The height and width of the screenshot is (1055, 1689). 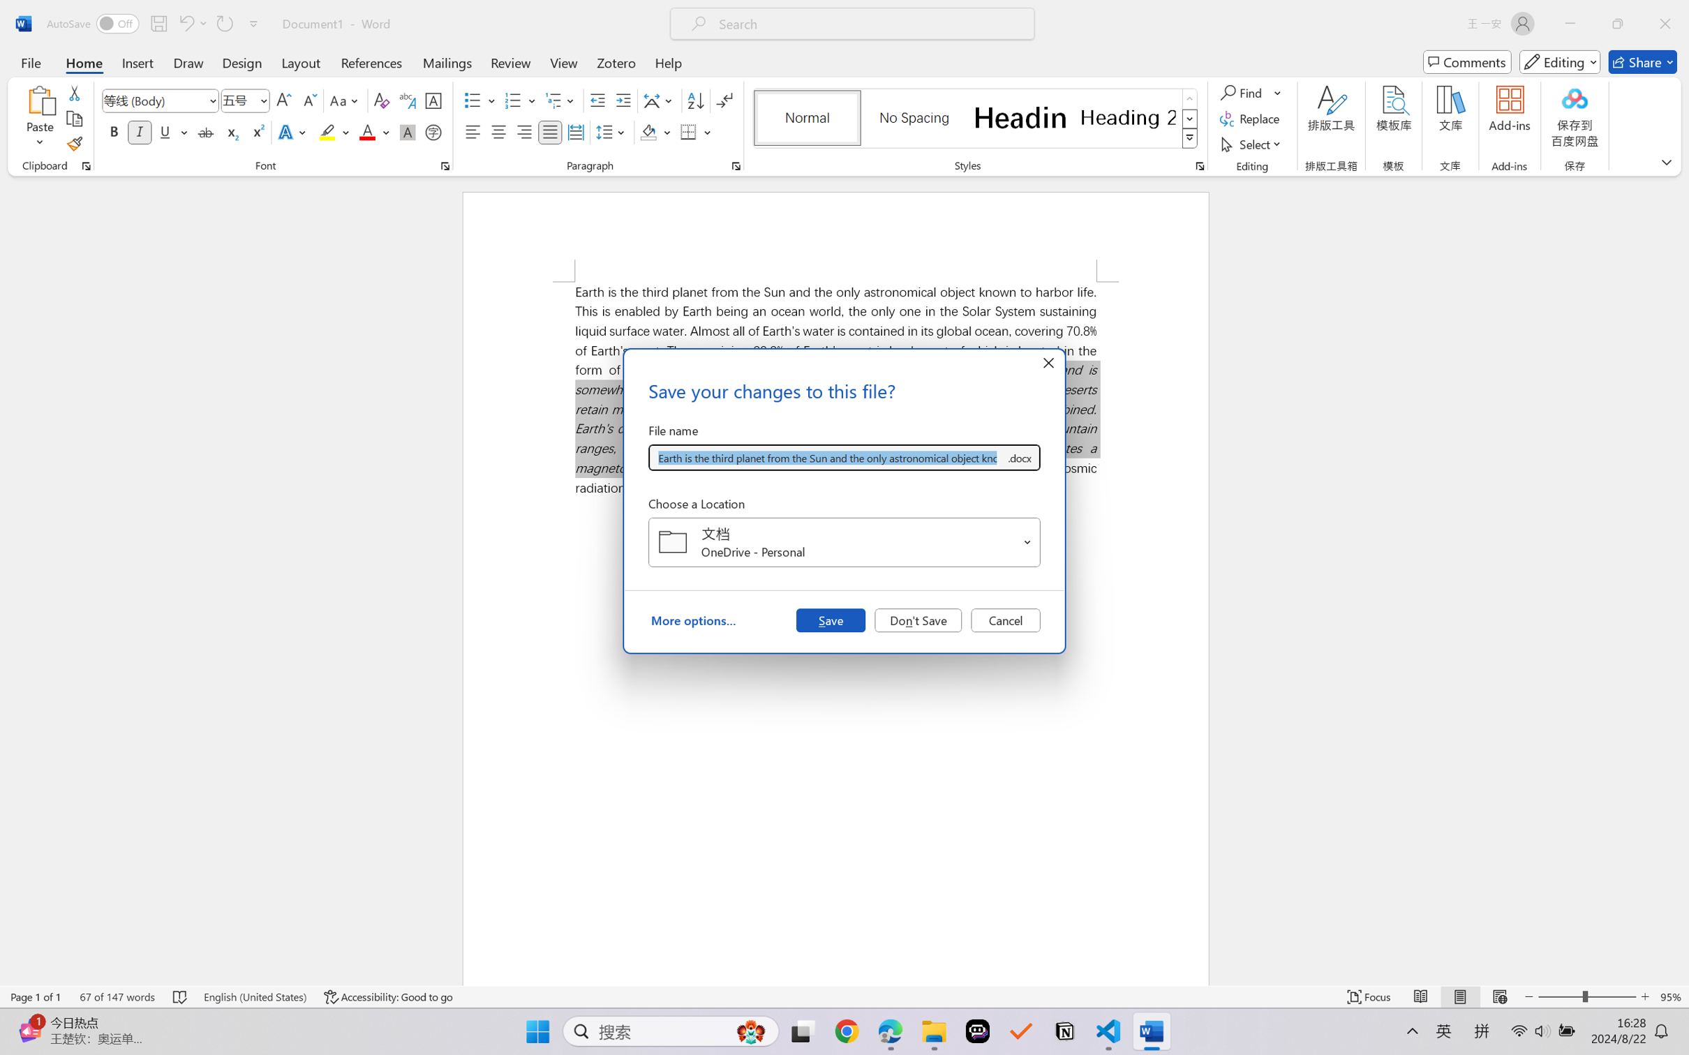 I want to click on 'Phonetic Guide...', so click(x=405, y=100).